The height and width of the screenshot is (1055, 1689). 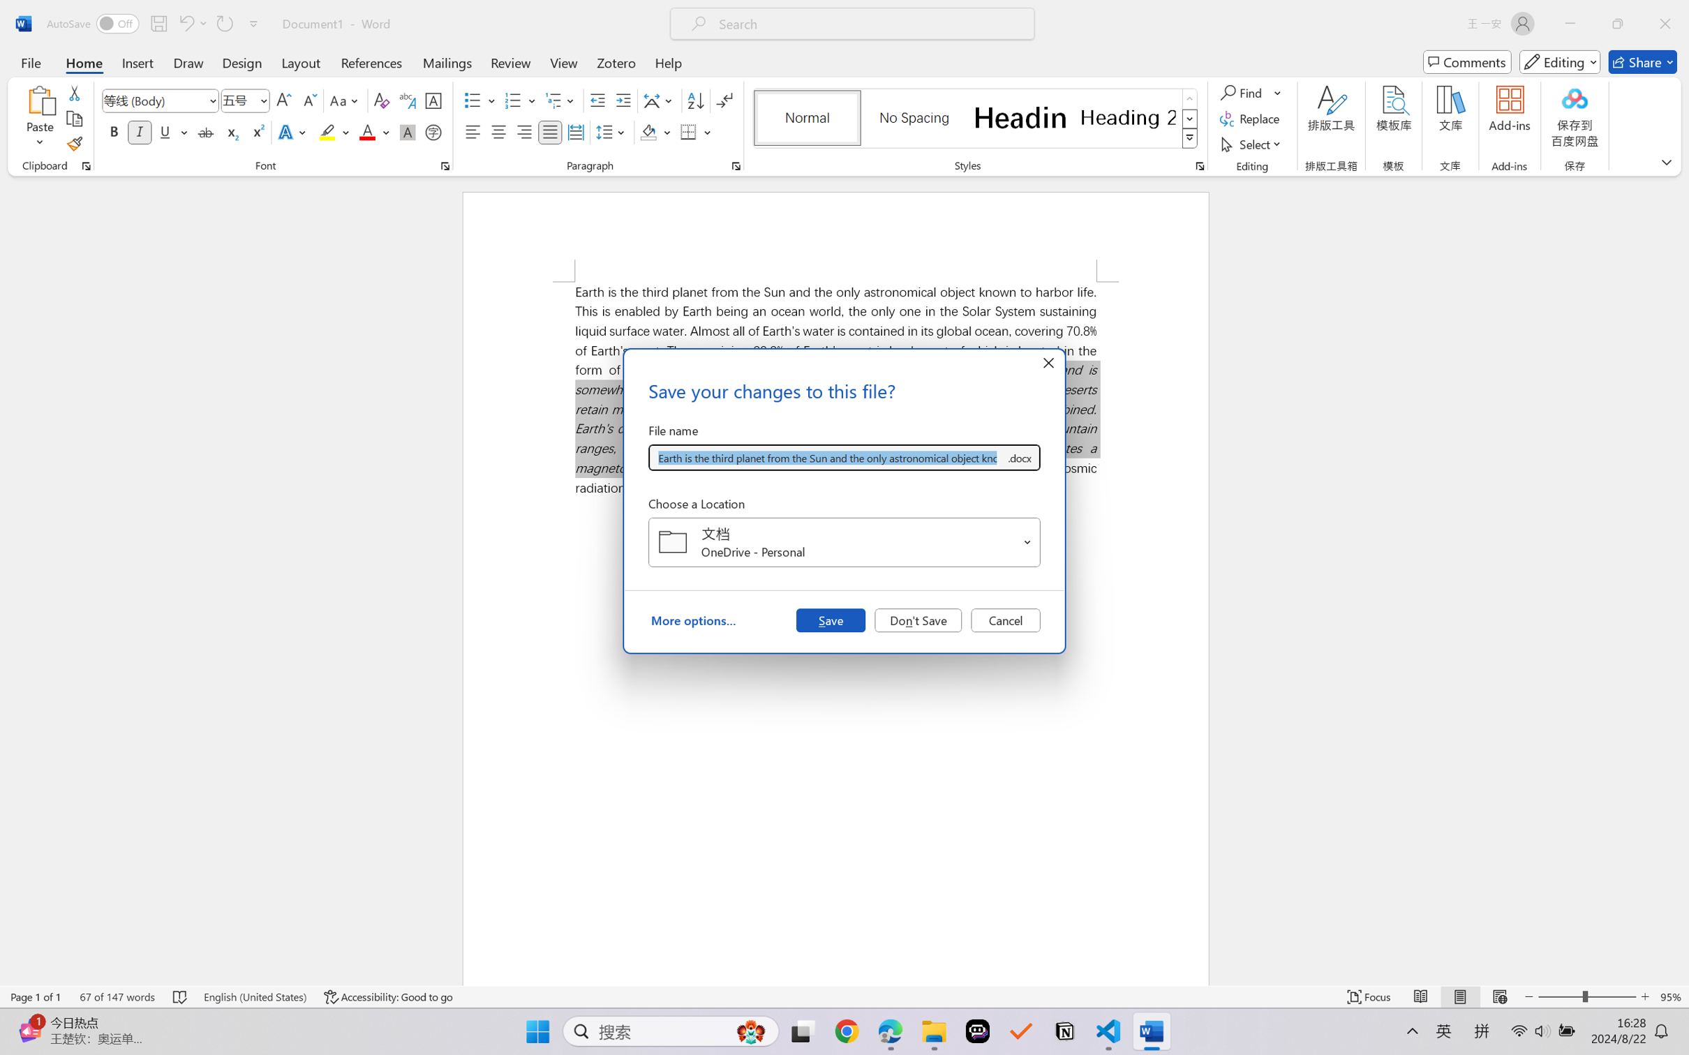 I want to click on 'Phonetic Guide...', so click(x=405, y=100).